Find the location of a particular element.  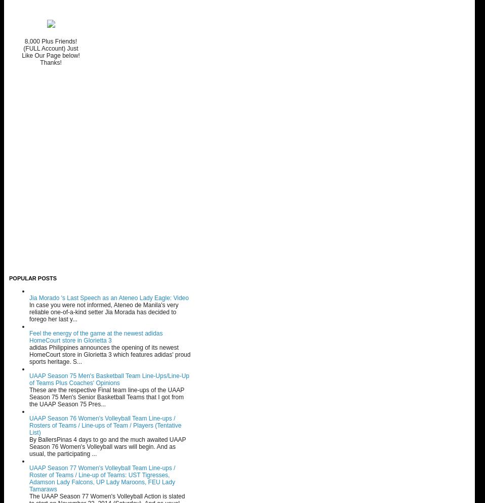

'UAAP Season 75 Men's Basketball Team Line-Ups/Line-Up of Teams Plus Coaches' Opinions' is located at coordinates (109, 379).